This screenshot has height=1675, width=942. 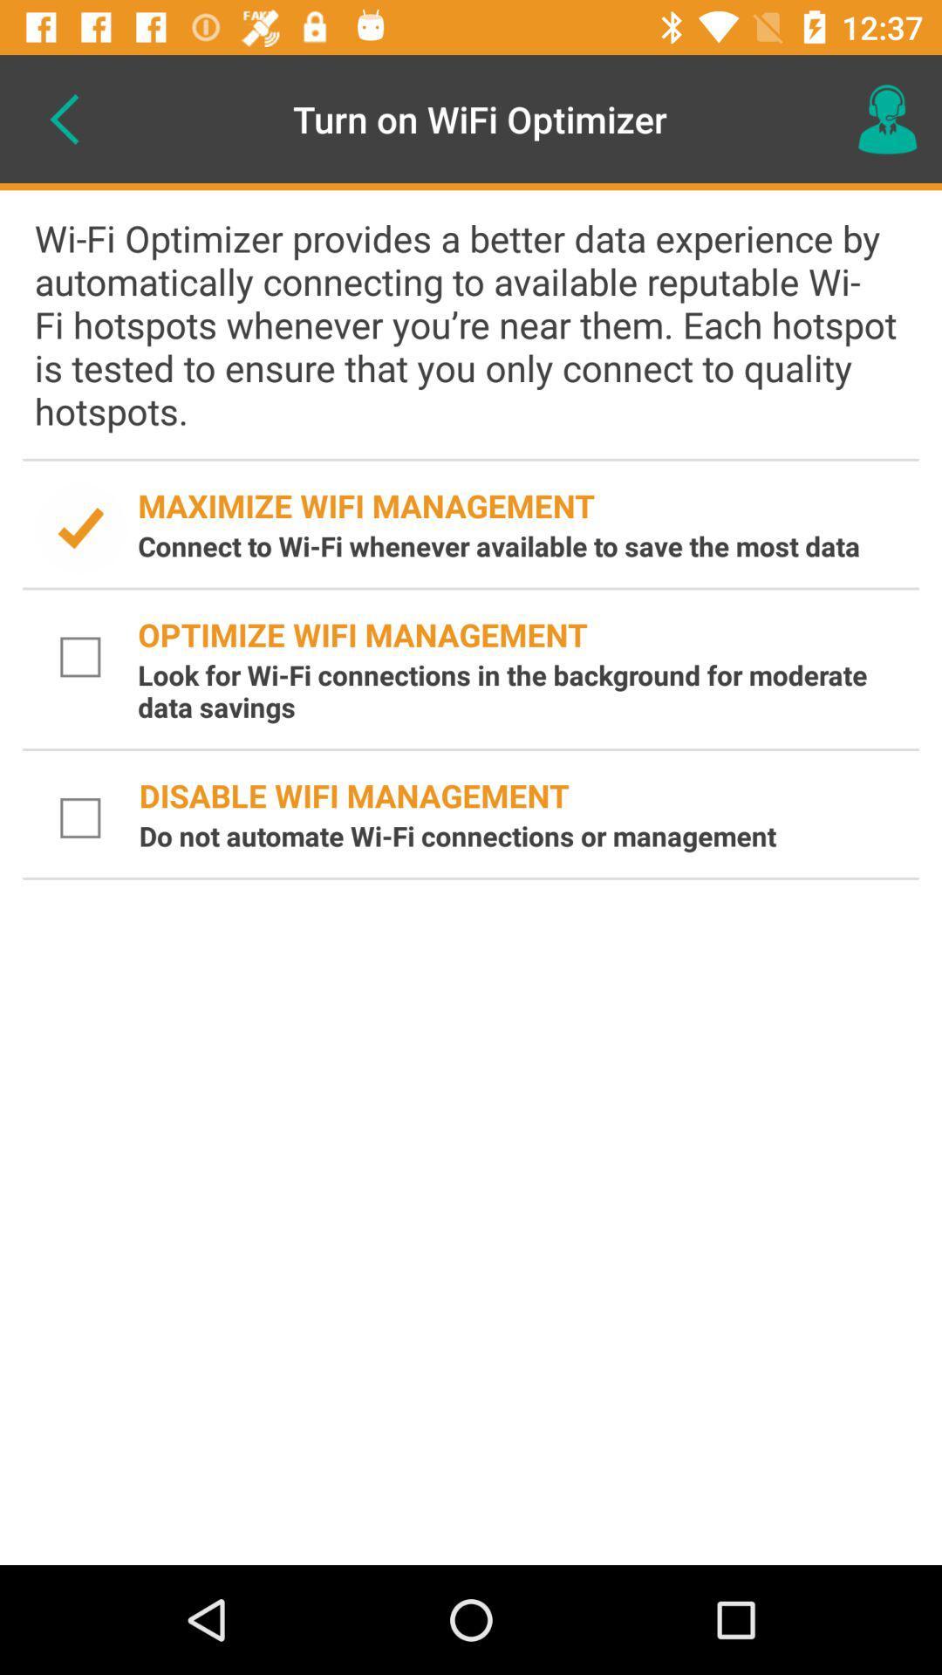 I want to click on select option, so click(x=80, y=817).